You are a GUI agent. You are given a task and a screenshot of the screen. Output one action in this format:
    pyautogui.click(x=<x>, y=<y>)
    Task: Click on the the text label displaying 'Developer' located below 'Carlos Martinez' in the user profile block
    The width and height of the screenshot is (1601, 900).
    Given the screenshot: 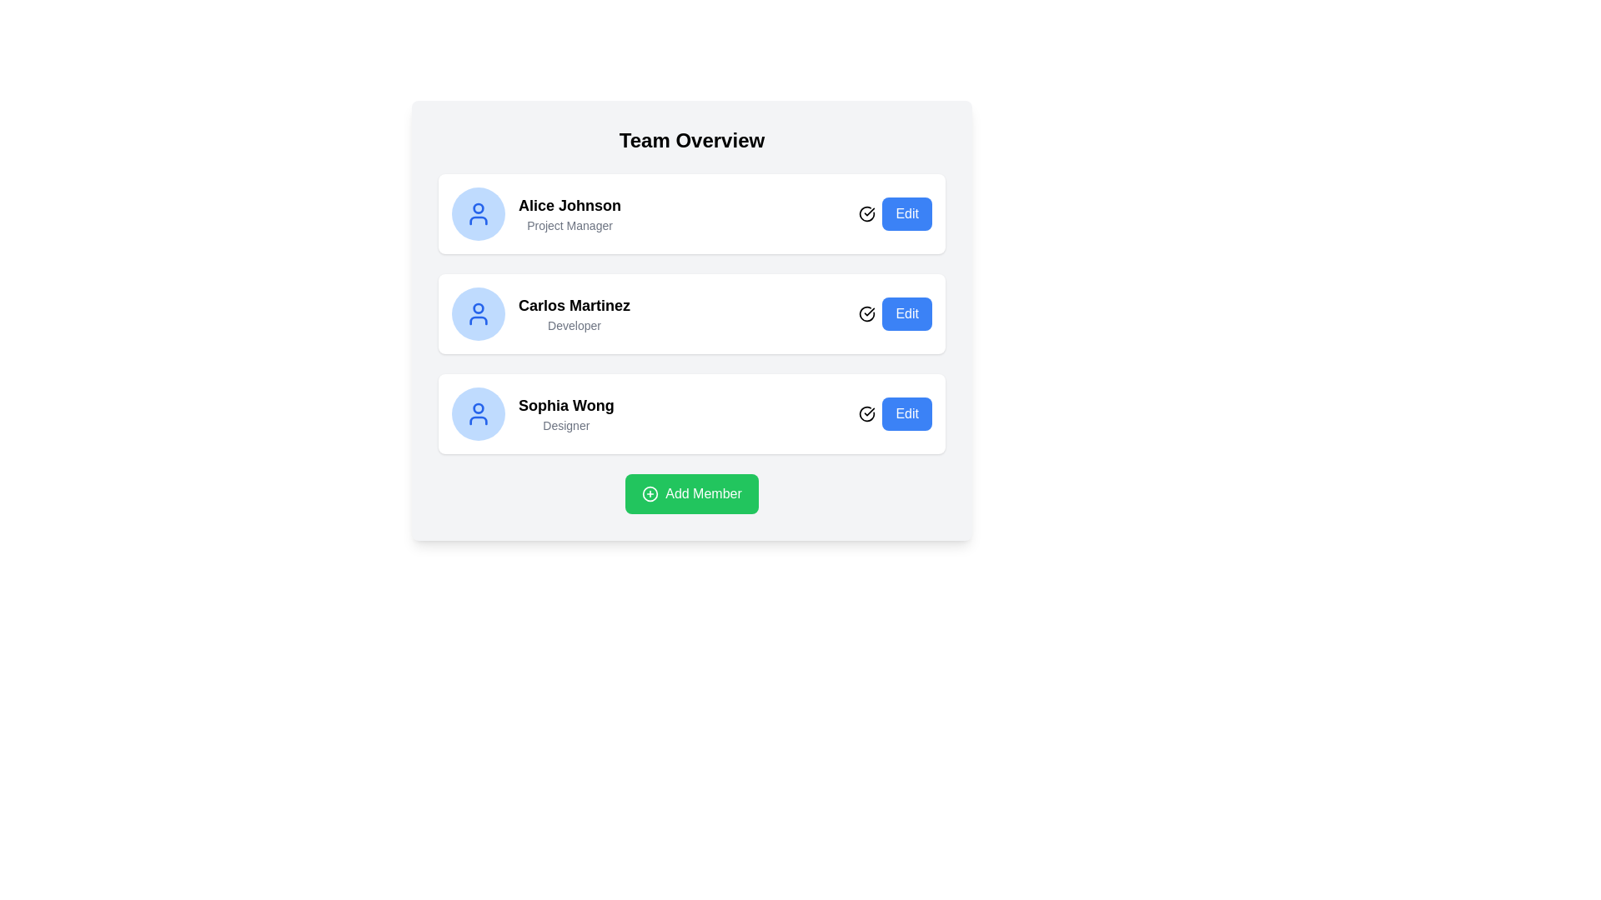 What is the action you would take?
    pyautogui.click(x=575, y=325)
    